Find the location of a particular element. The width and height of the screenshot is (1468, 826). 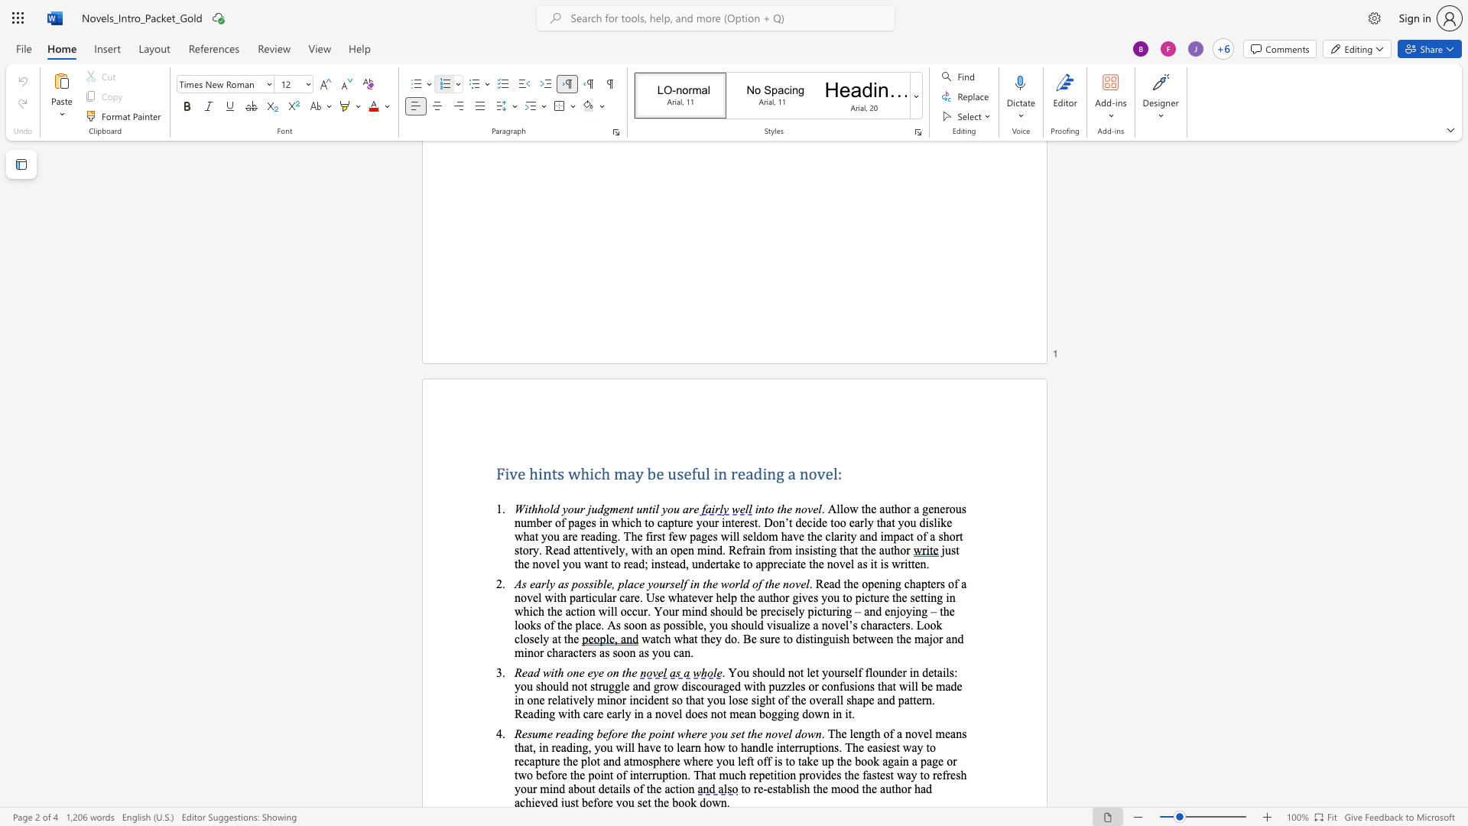

the space between the continuous character "f" and "o" in the text is located at coordinates (612, 733).